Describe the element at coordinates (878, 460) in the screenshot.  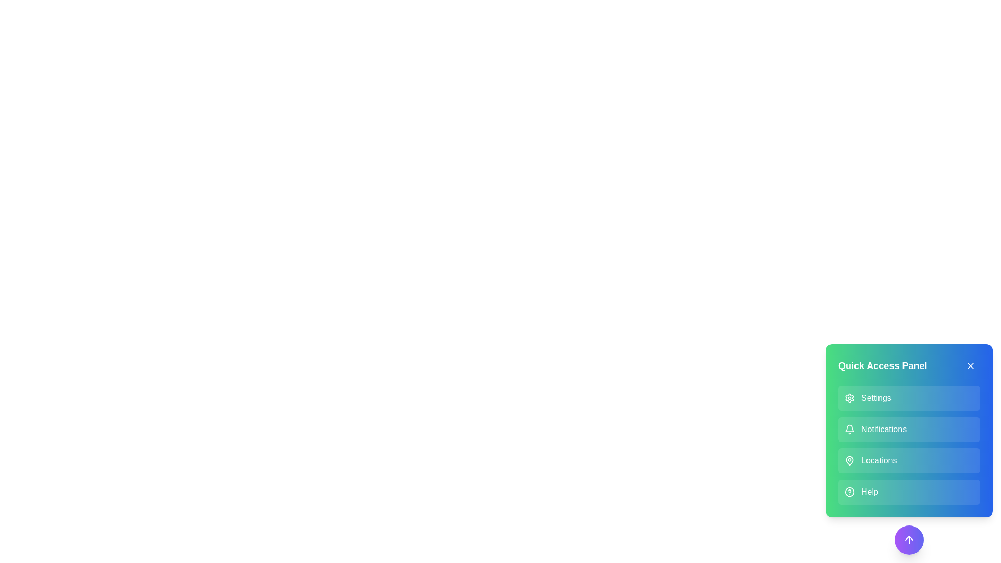
I see `the 'Locations' text label in the sidebar panel` at that location.